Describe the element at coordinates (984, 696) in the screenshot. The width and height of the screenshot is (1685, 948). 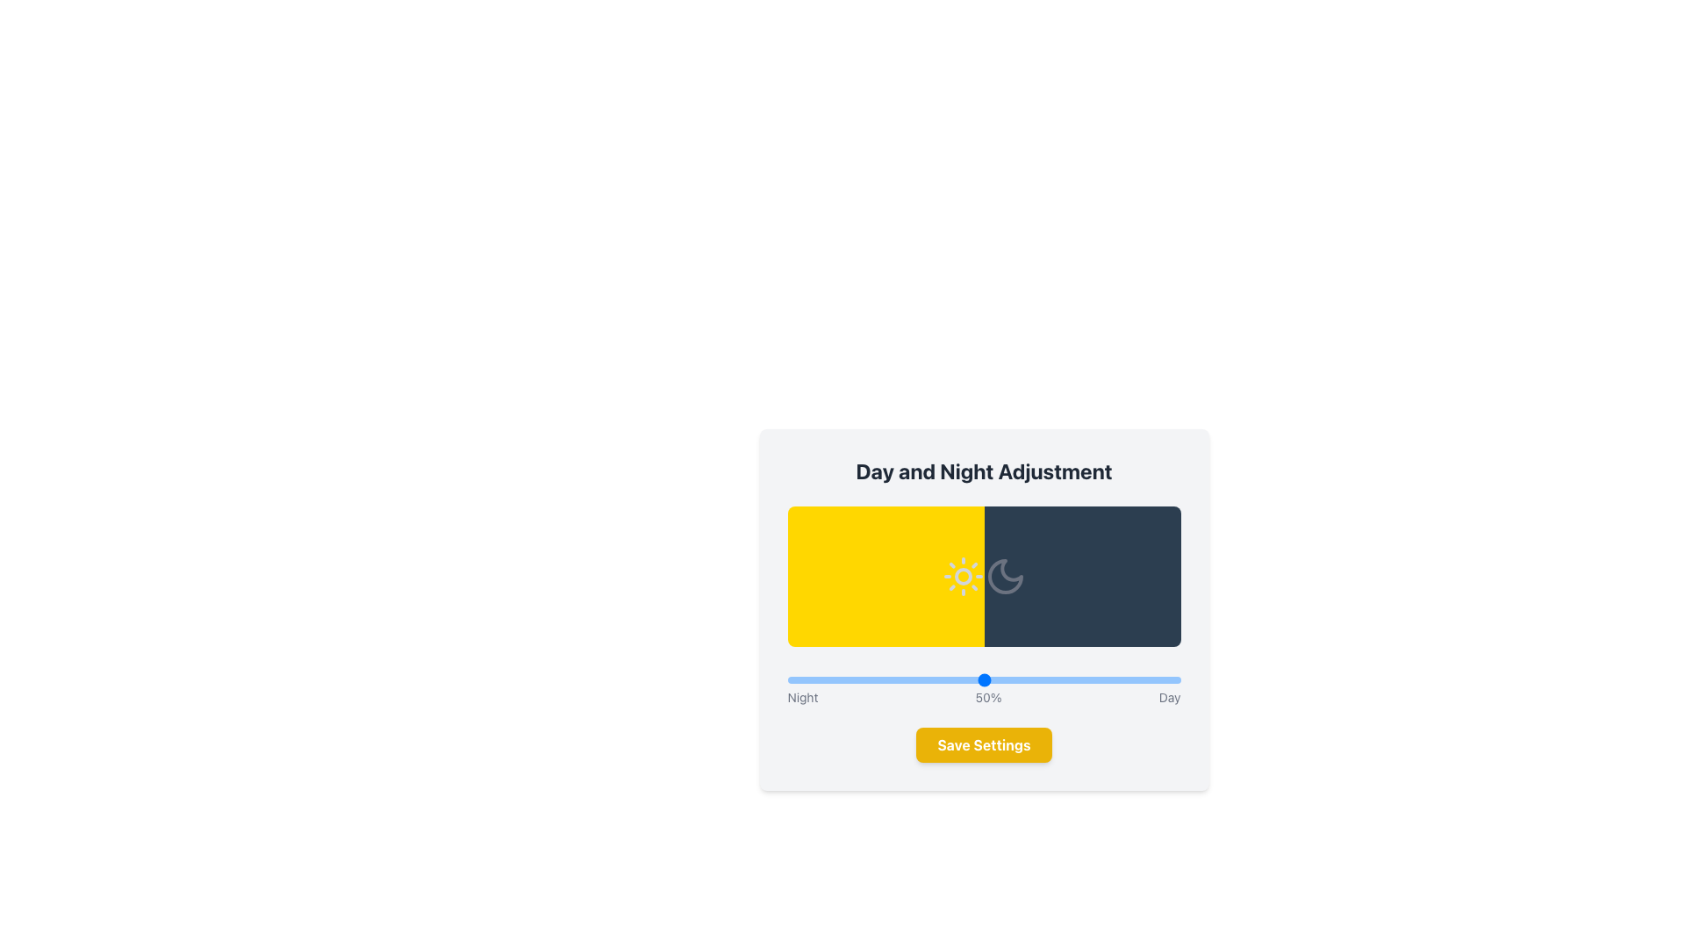
I see `the text label displaying 'Night 50% Day', which is located directly below the blue progress slider and above the 'Save Settings' button` at that location.